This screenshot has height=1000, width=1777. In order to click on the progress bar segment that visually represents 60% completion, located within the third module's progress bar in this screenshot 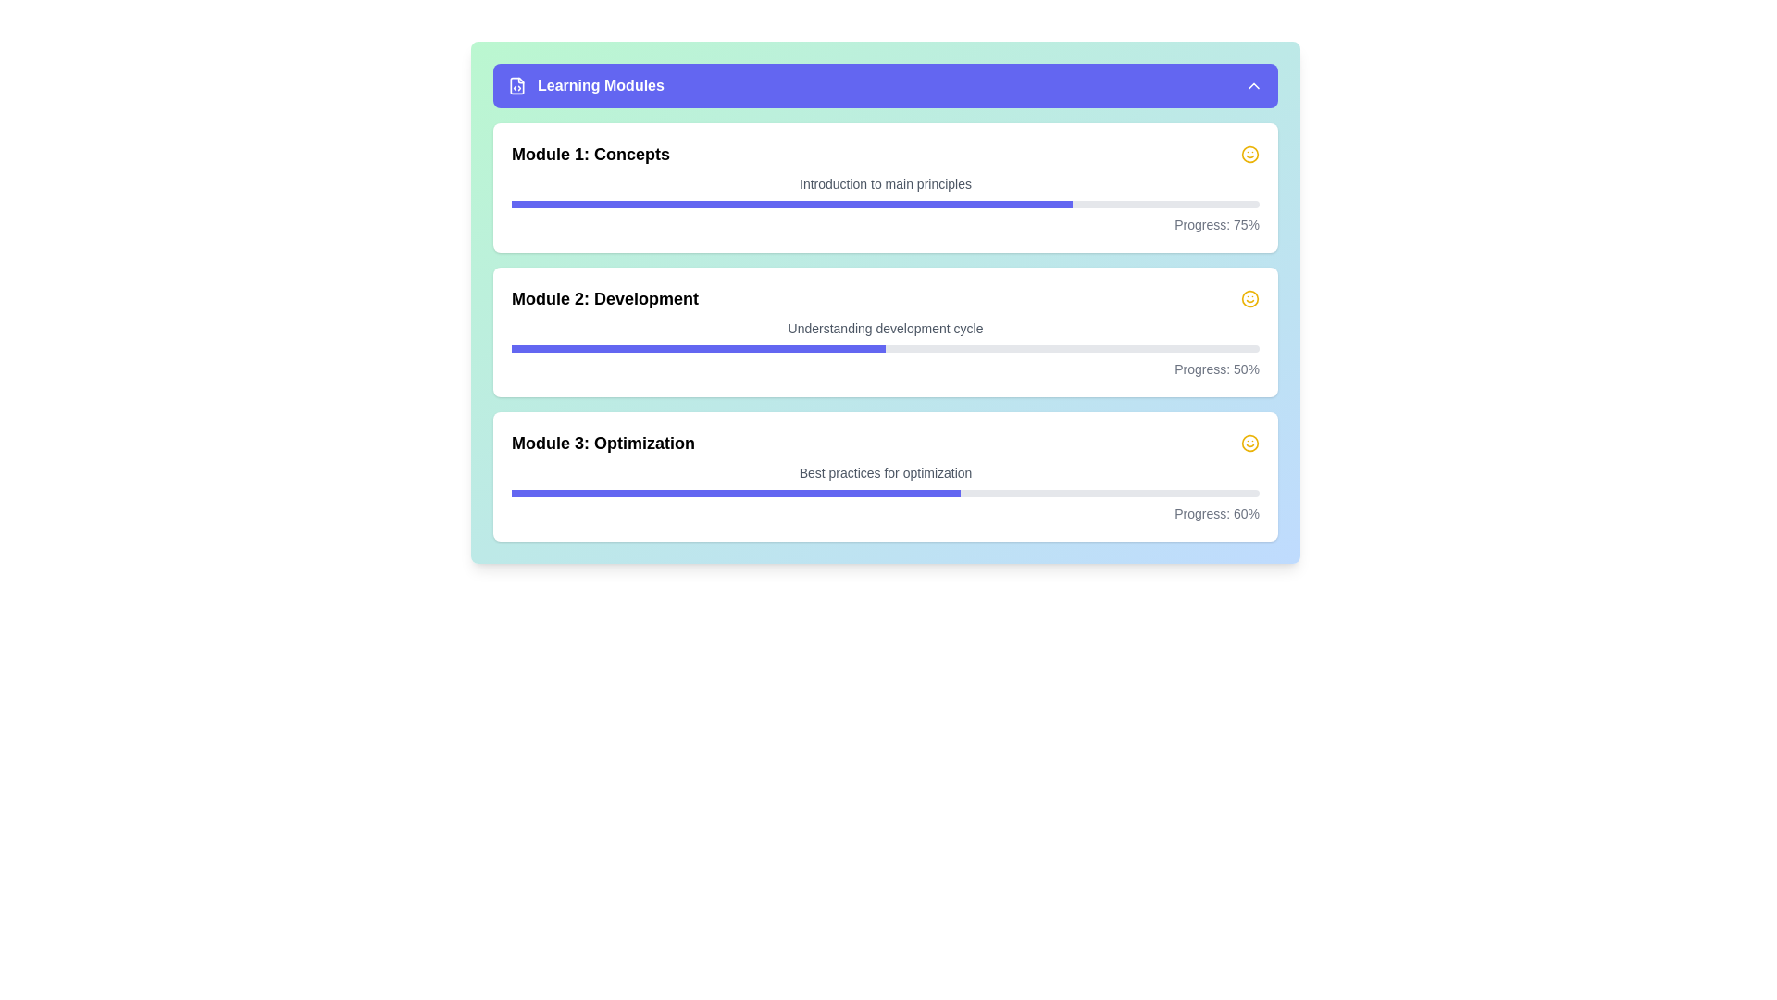, I will do `click(735, 492)`.